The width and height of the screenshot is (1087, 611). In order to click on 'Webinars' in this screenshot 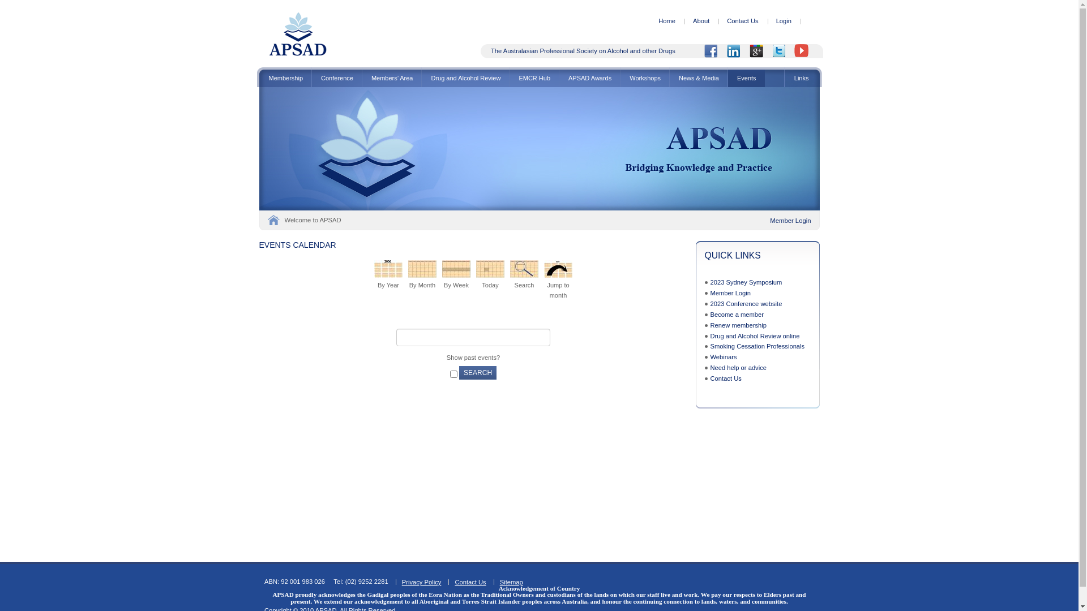, I will do `click(709, 357)`.